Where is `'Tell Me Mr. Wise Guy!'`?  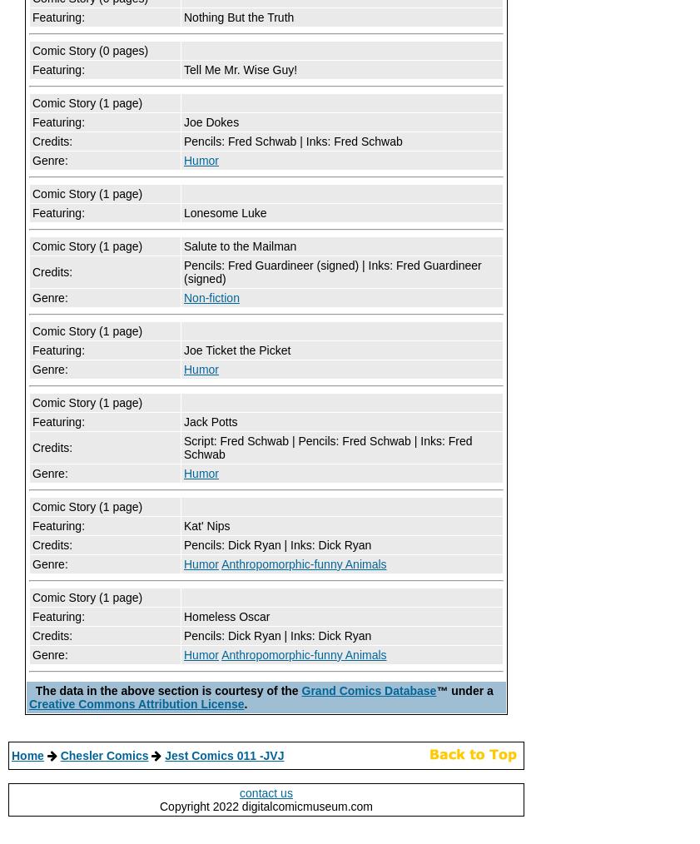 'Tell Me Mr. Wise Guy!' is located at coordinates (239, 68).